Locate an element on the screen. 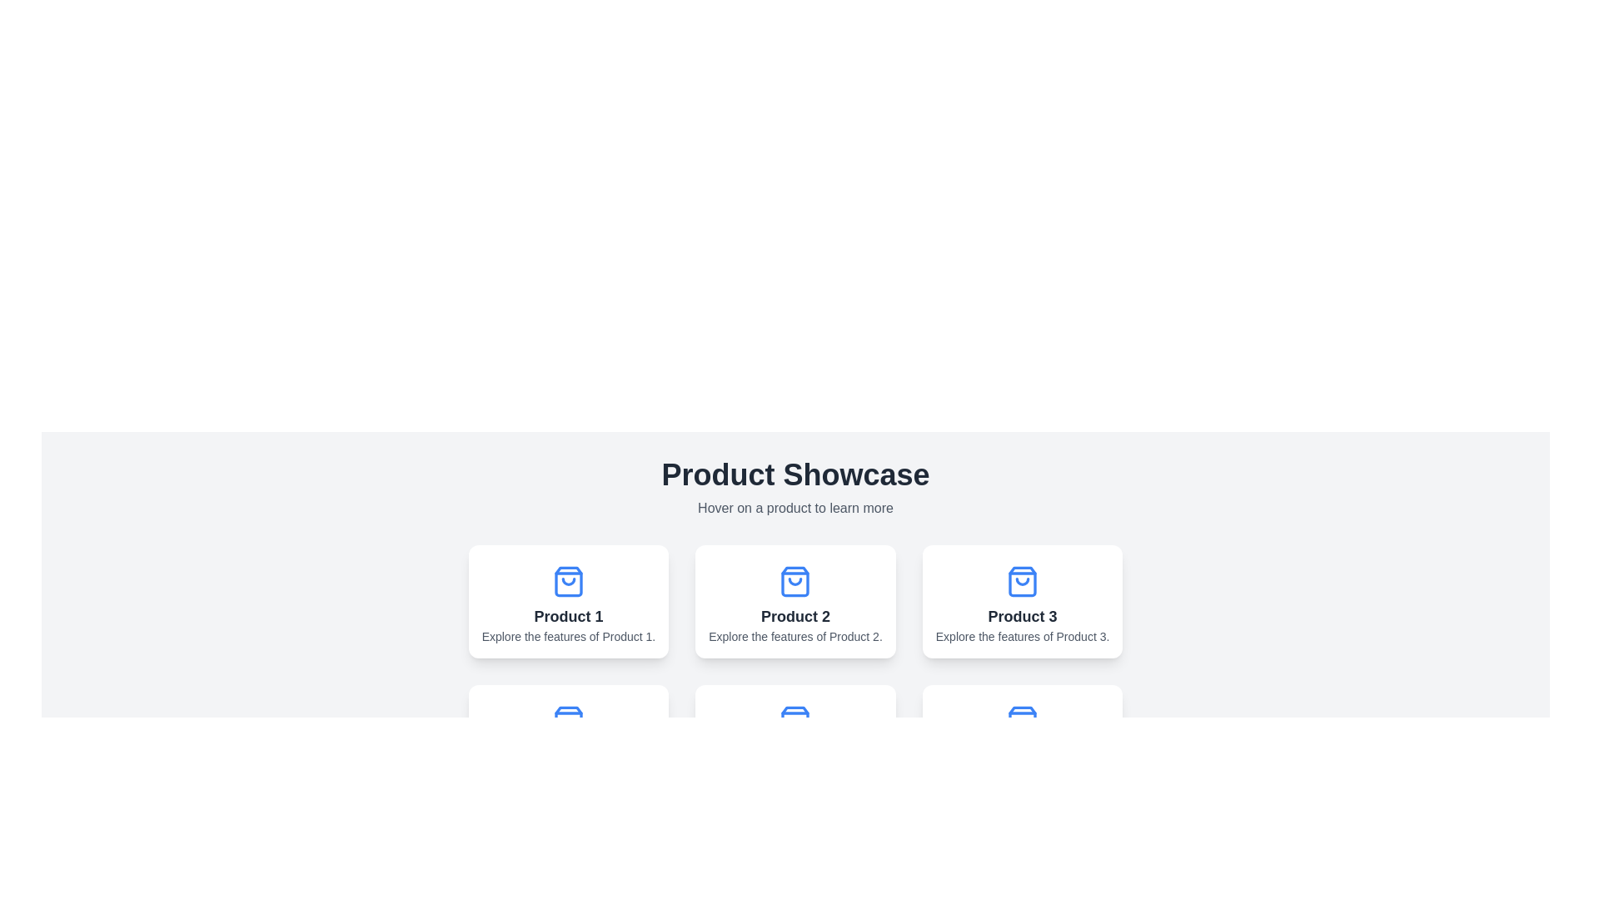  the shopping icon located at the center top of the 'Product 1' card is located at coordinates (568, 580).